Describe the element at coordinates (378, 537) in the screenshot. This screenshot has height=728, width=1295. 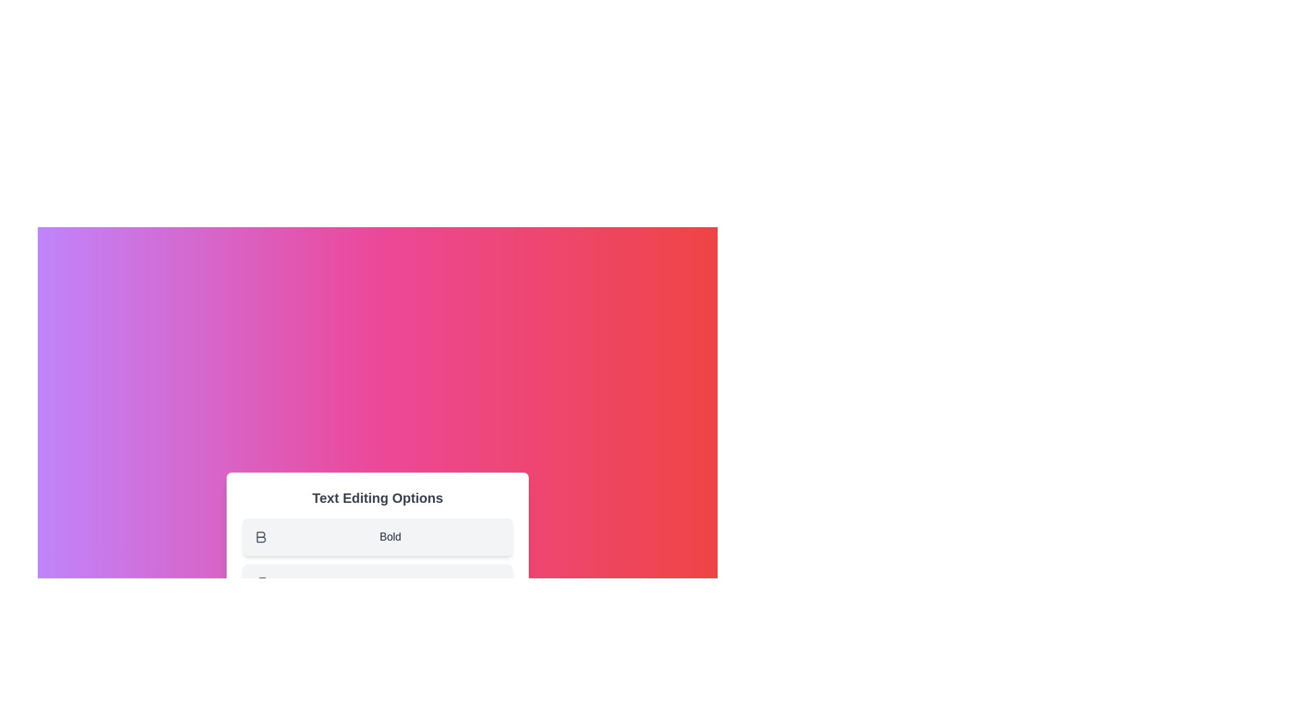
I see `the menu option Bold` at that location.